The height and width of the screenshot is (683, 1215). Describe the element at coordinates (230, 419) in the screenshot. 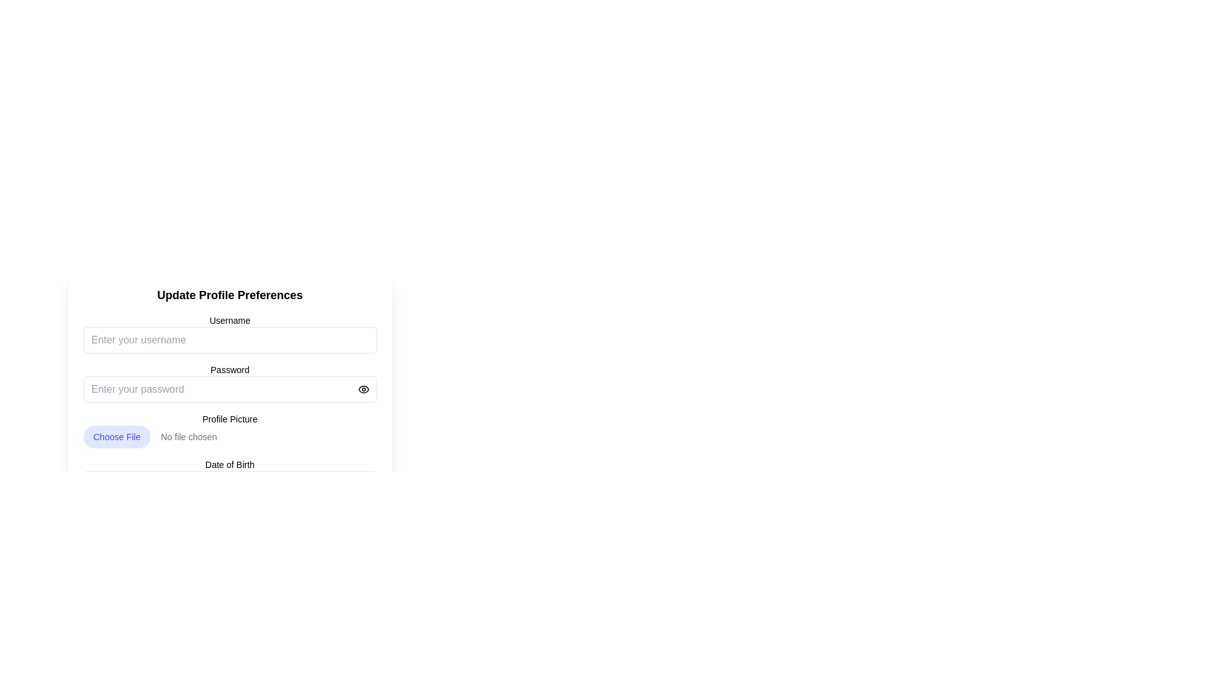

I see `the static text label reading 'Profile Picture' located within the 'Update Profile Preferences' form, positioned above the 'Choose File' input and below the password input field` at that location.